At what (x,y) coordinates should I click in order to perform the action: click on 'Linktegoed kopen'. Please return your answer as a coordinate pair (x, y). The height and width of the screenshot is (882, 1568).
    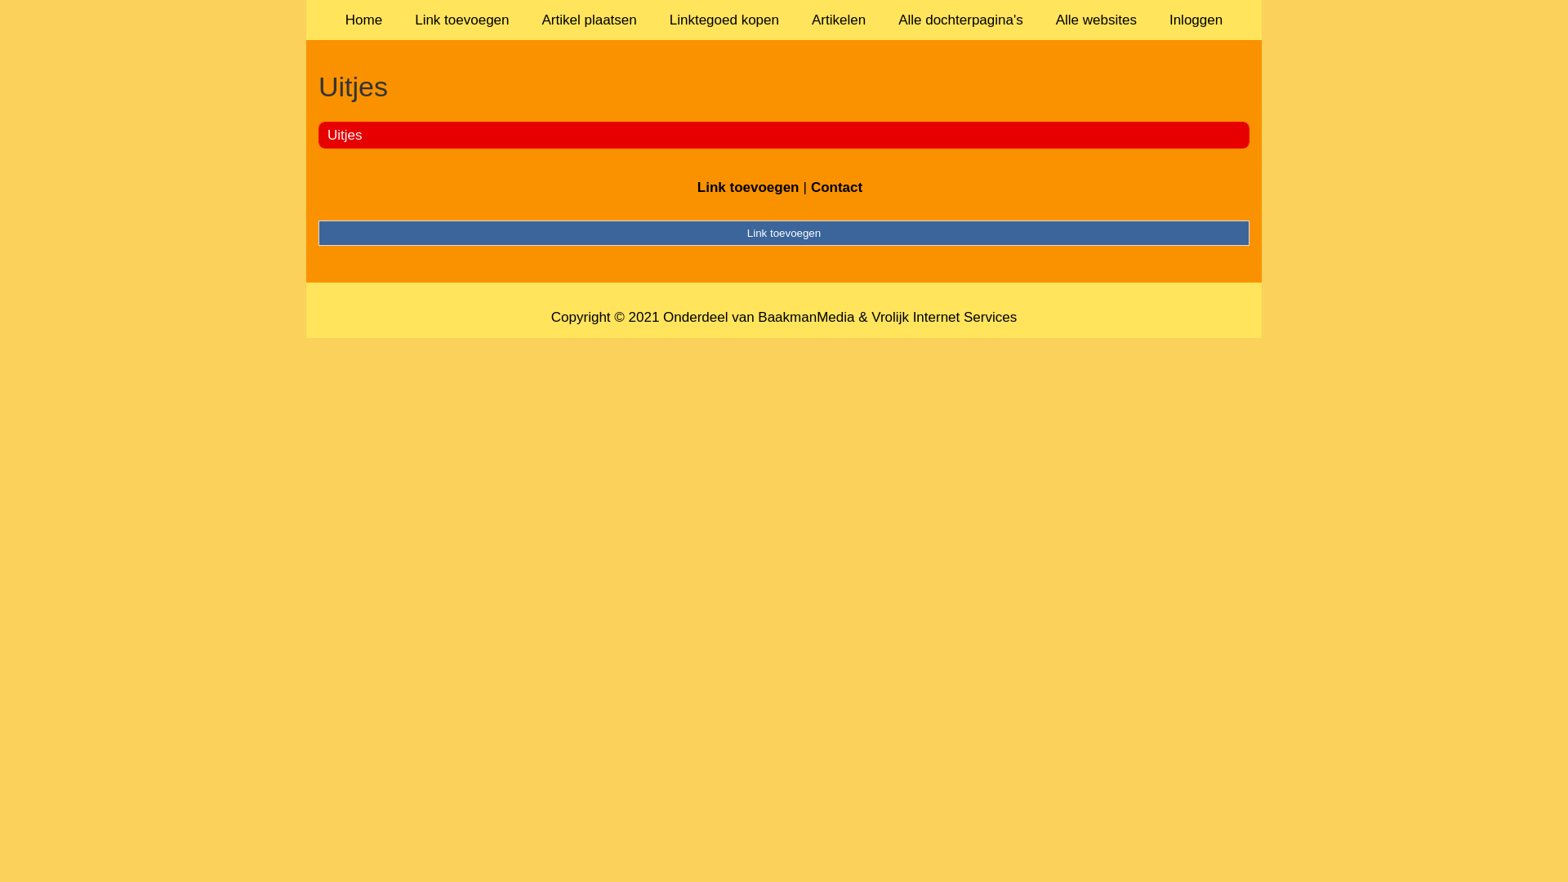
    Looking at the image, I should click on (653, 20).